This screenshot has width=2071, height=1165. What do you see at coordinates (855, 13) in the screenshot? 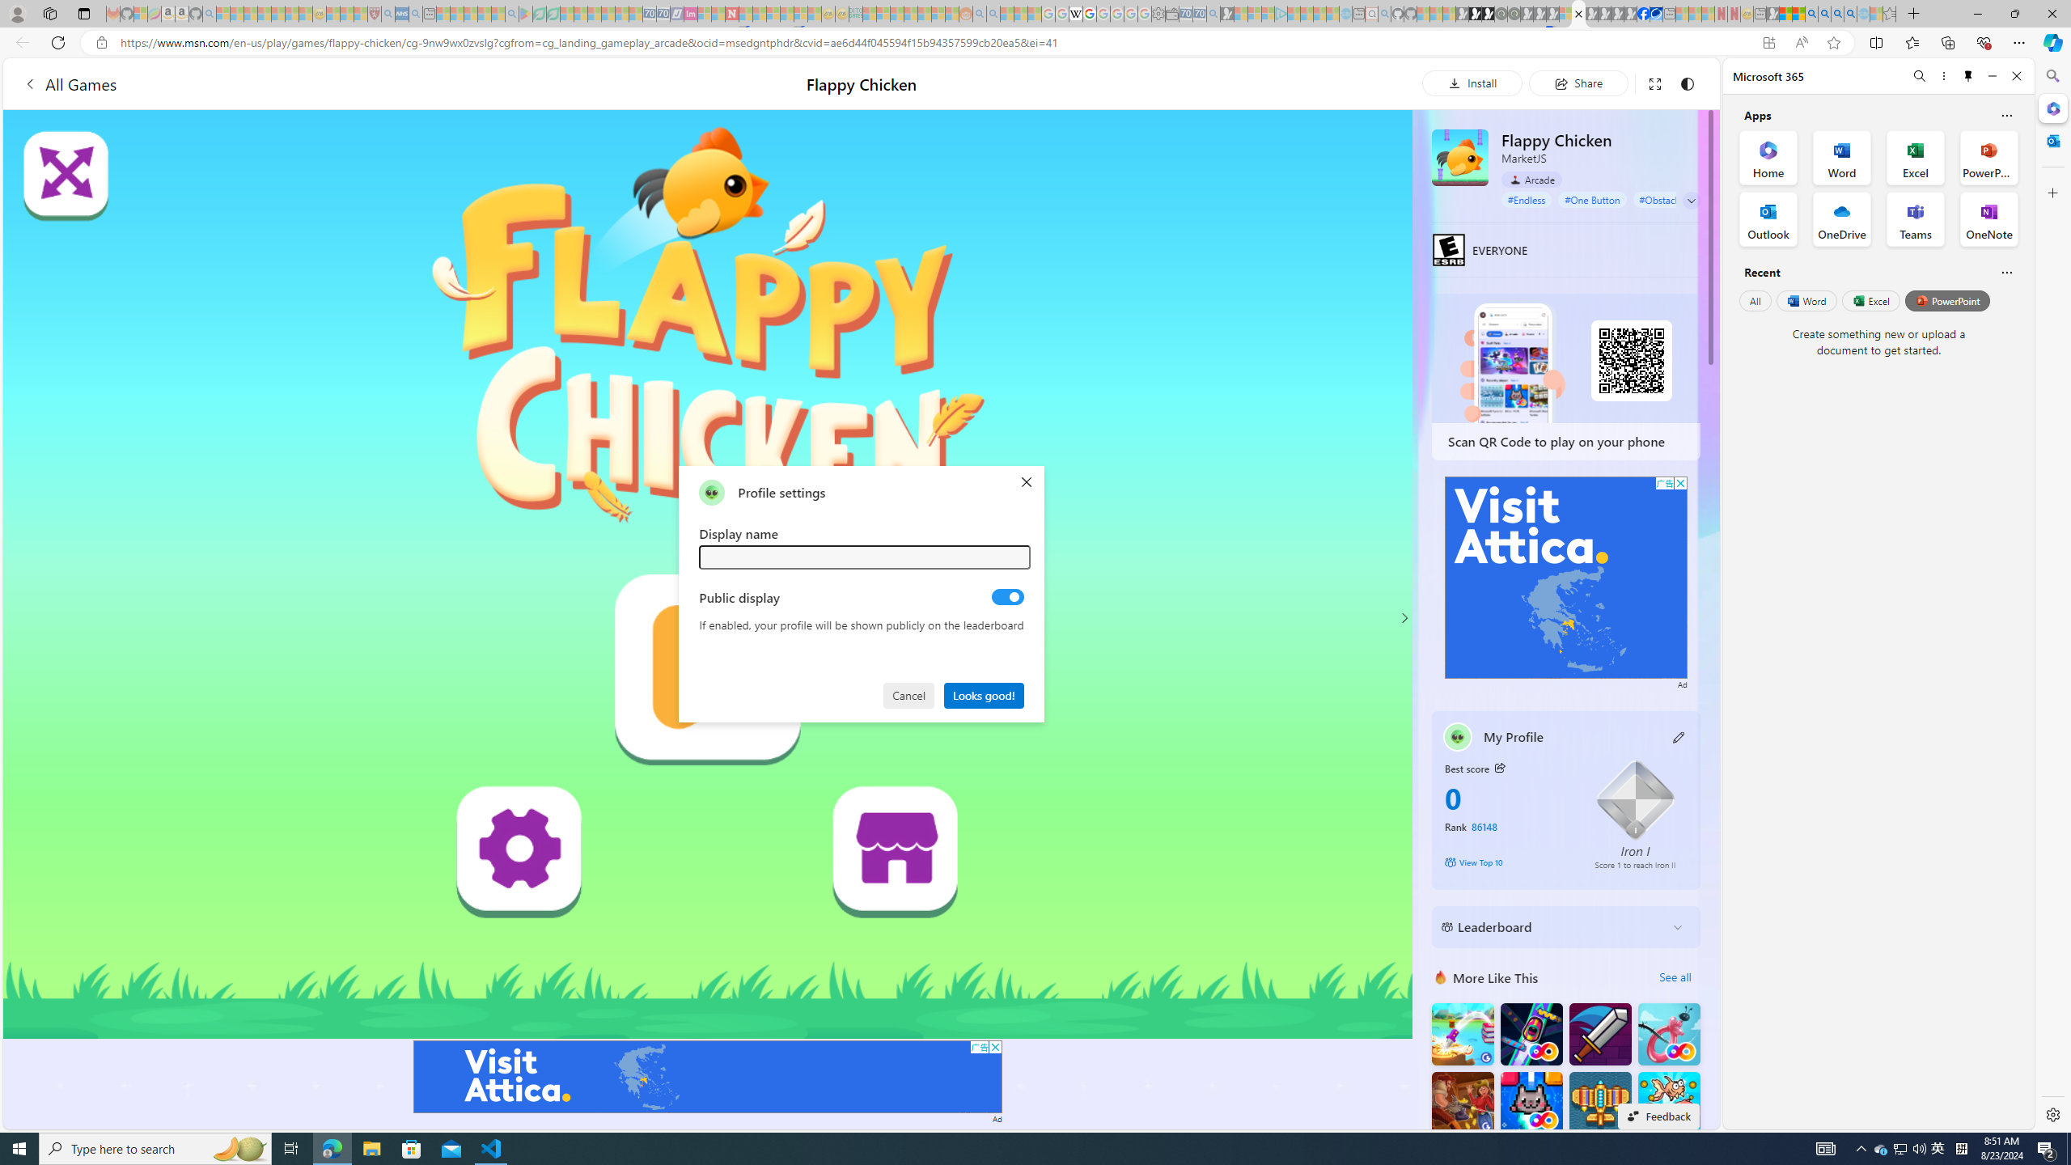
I see `'DITOGAMES AG Imprint - Sleeping'` at bounding box center [855, 13].